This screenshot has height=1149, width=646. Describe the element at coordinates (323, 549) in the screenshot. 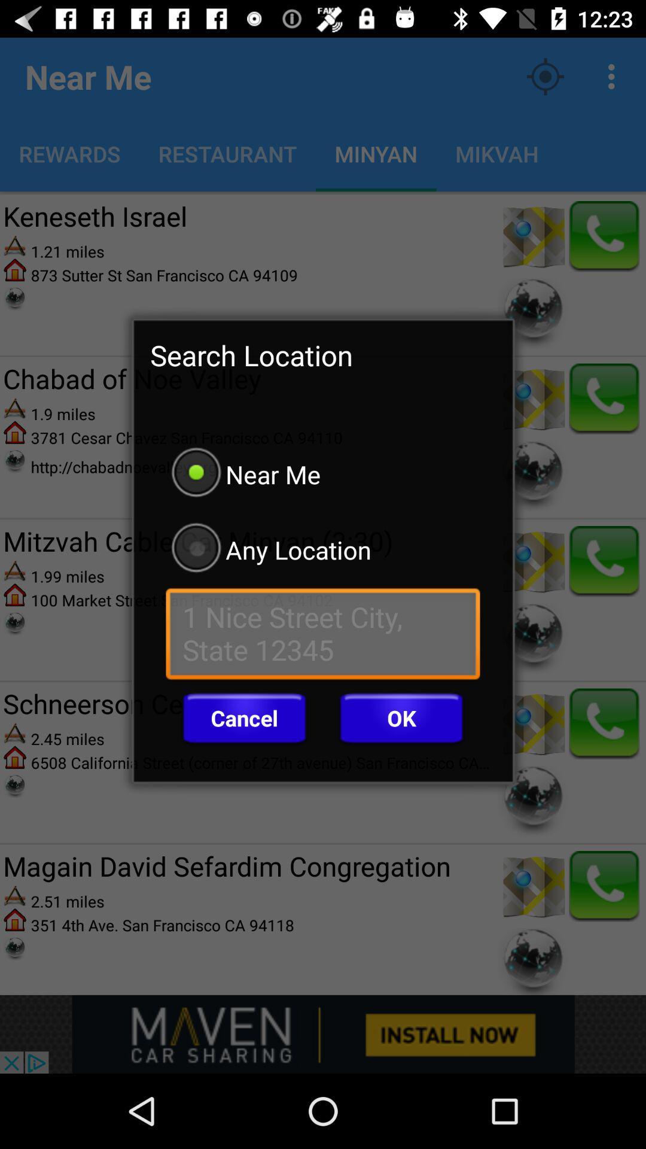

I see `the icon below the near me icon` at that location.